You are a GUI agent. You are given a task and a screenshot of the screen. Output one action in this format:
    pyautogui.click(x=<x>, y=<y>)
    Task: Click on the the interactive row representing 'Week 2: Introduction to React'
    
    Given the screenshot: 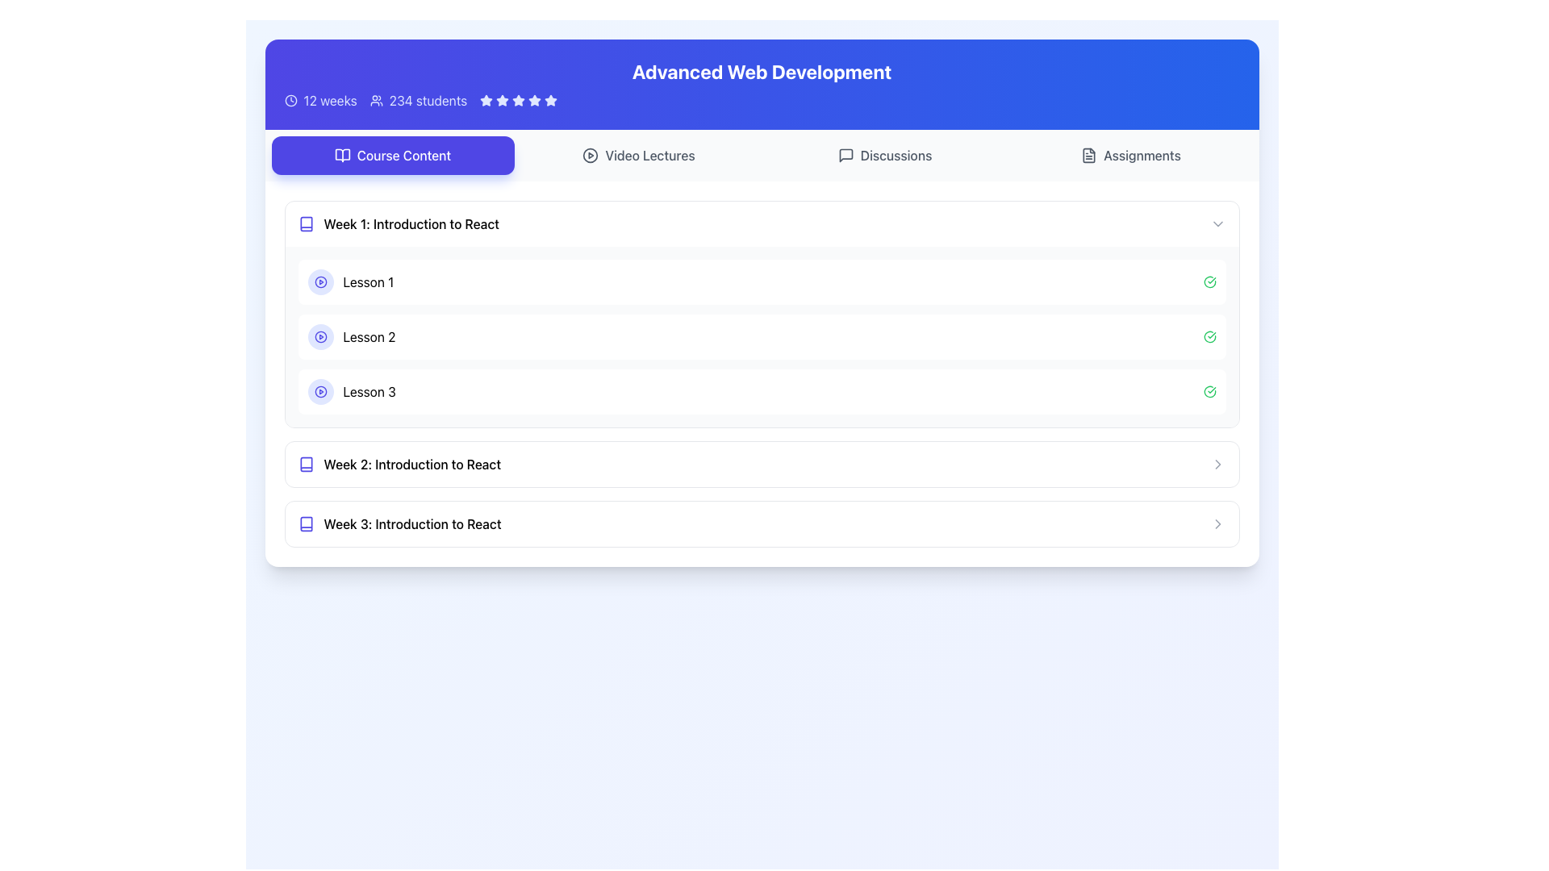 What is the action you would take?
    pyautogui.click(x=761, y=464)
    